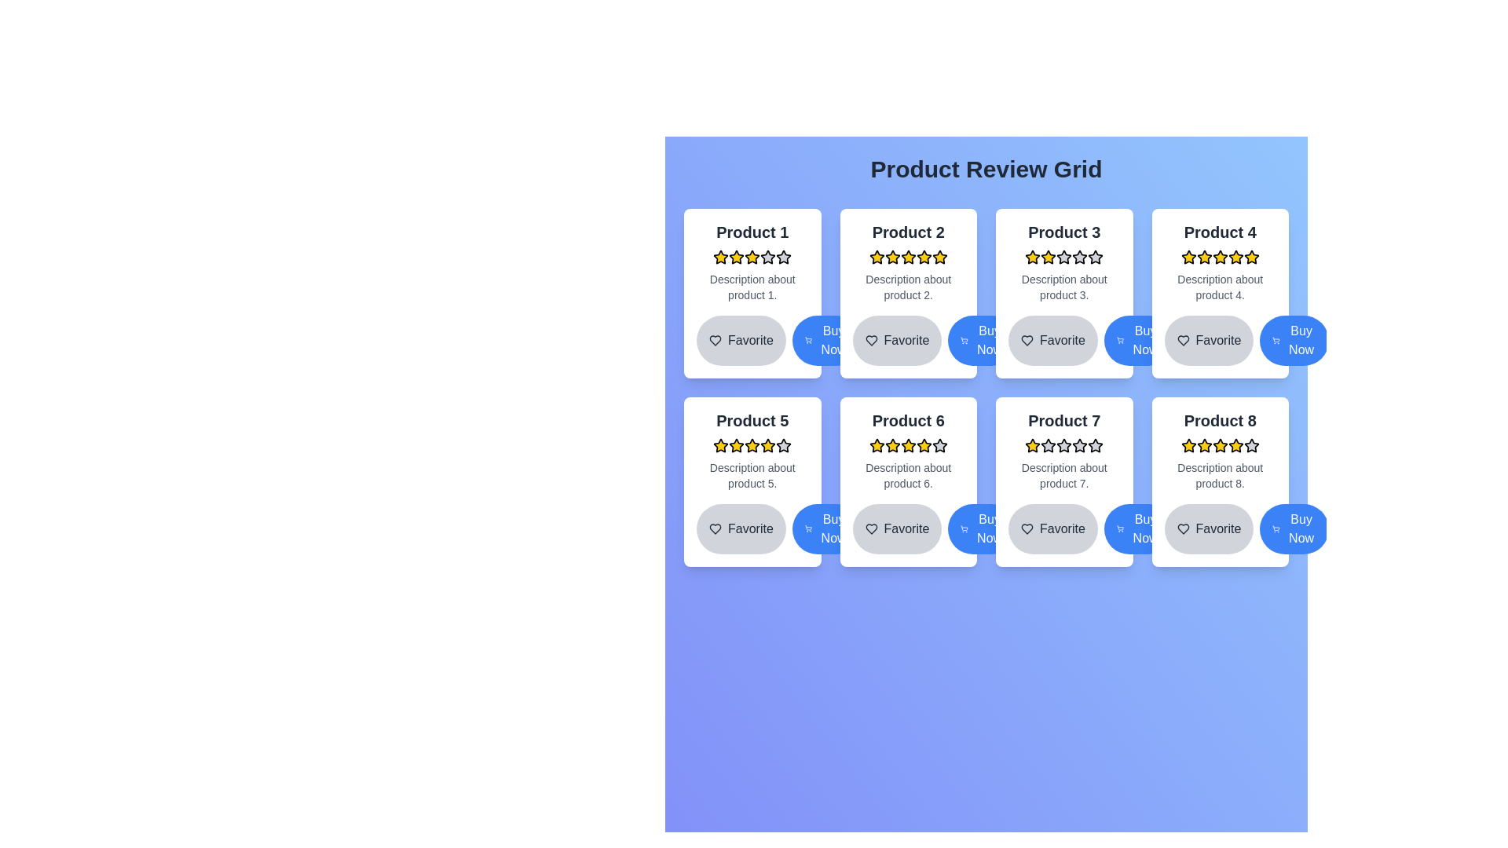 This screenshot has width=1508, height=848. What do you see at coordinates (1183, 340) in the screenshot?
I see `the heart-shaped icon within the 'Favorite' button located in the top-right corner of the 'Product 4' card` at bounding box center [1183, 340].